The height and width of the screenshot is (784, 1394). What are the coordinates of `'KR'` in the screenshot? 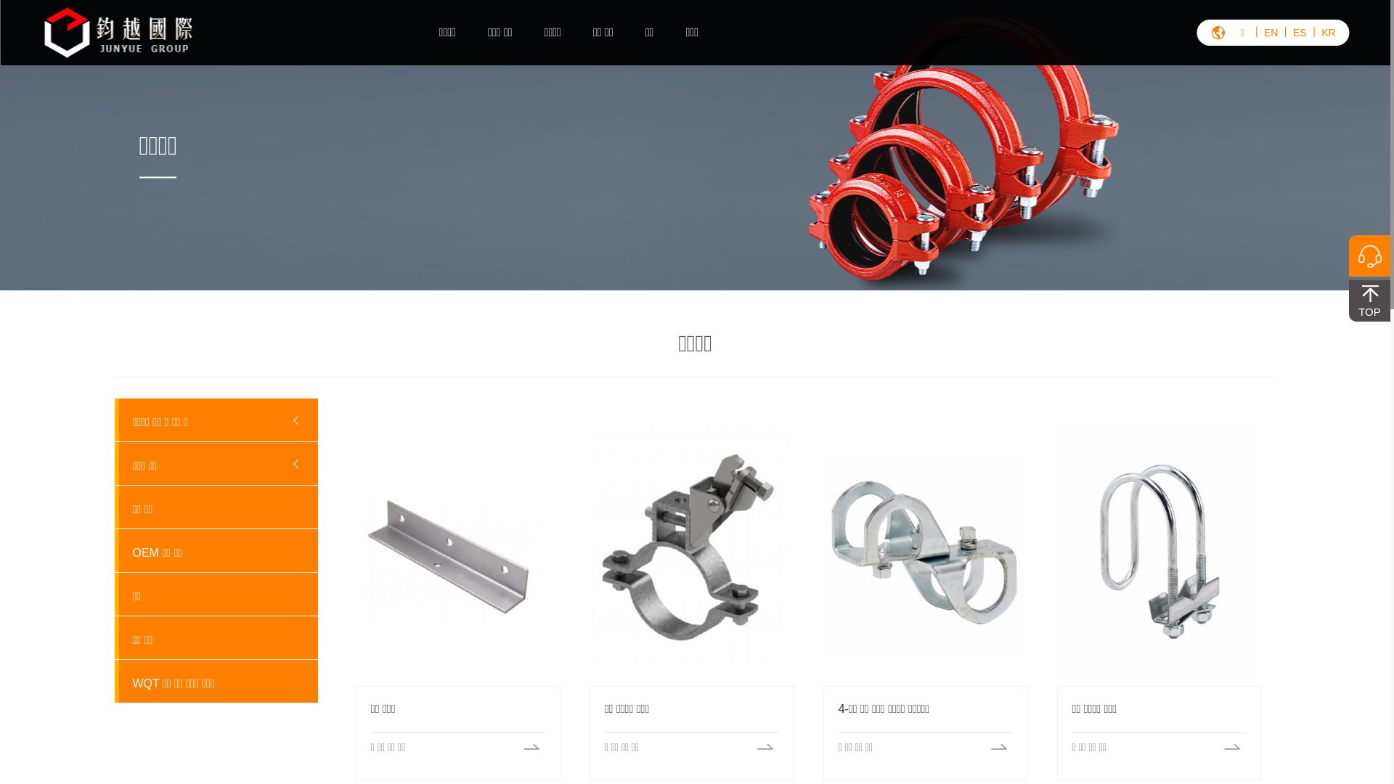 It's located at (1328, 33).